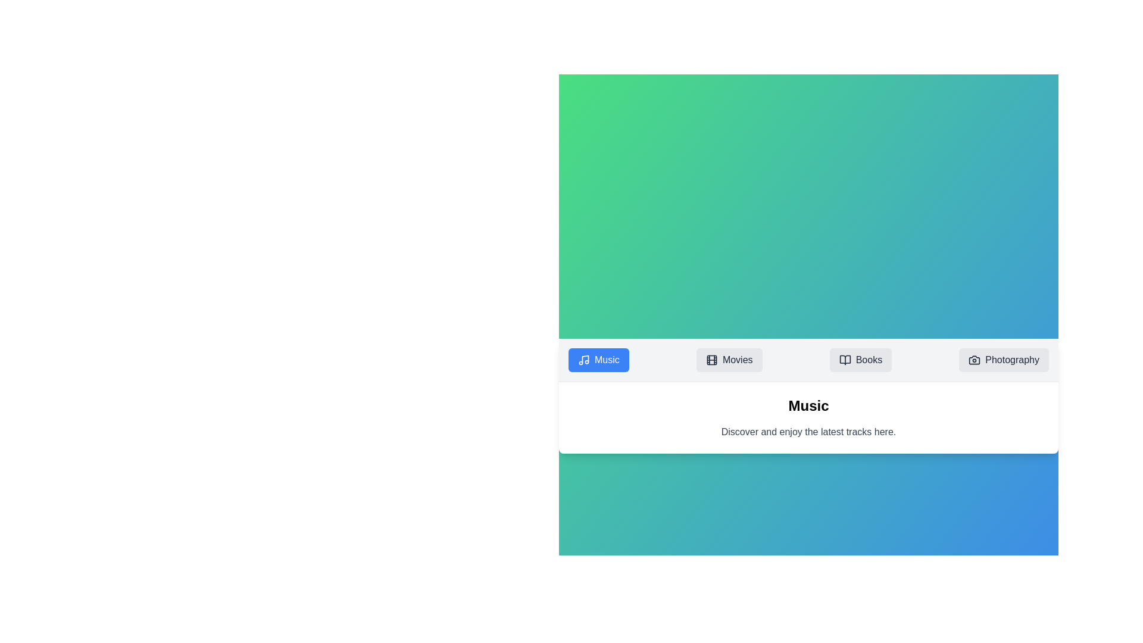 This screenshot has height=643, width=1143. I want to click on the 'Photography' text label located in the navigation bar at the top right, so click(1011, 359).